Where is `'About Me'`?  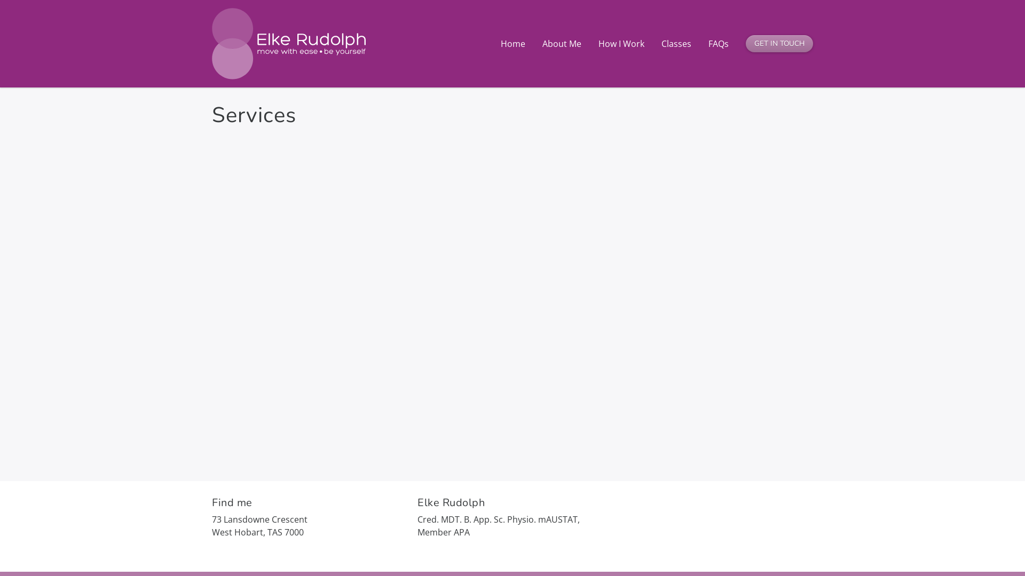
'About Me' is located at coordinates (561, 43).